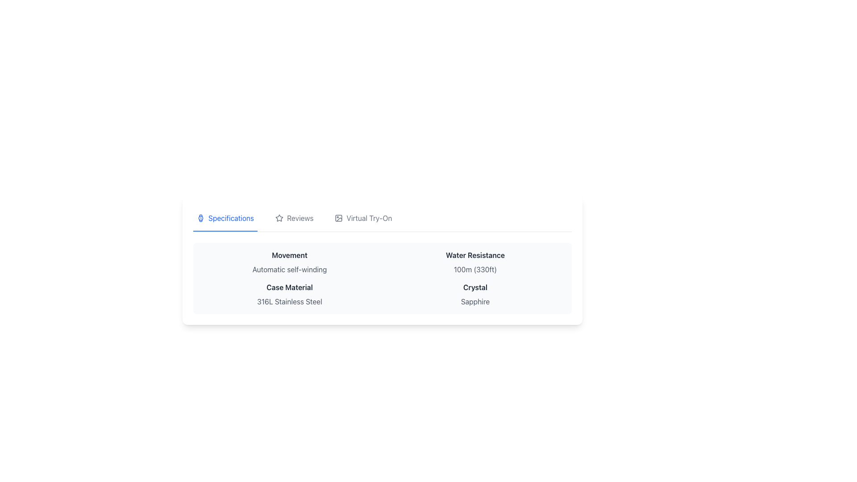 This screenshot has width=857, height=482. Describe the element at coordinates (279, 218) in the screenshot. I see `the small, hollow five-pointed star icon located in the interactive toolbar at the top of the section` at that location.